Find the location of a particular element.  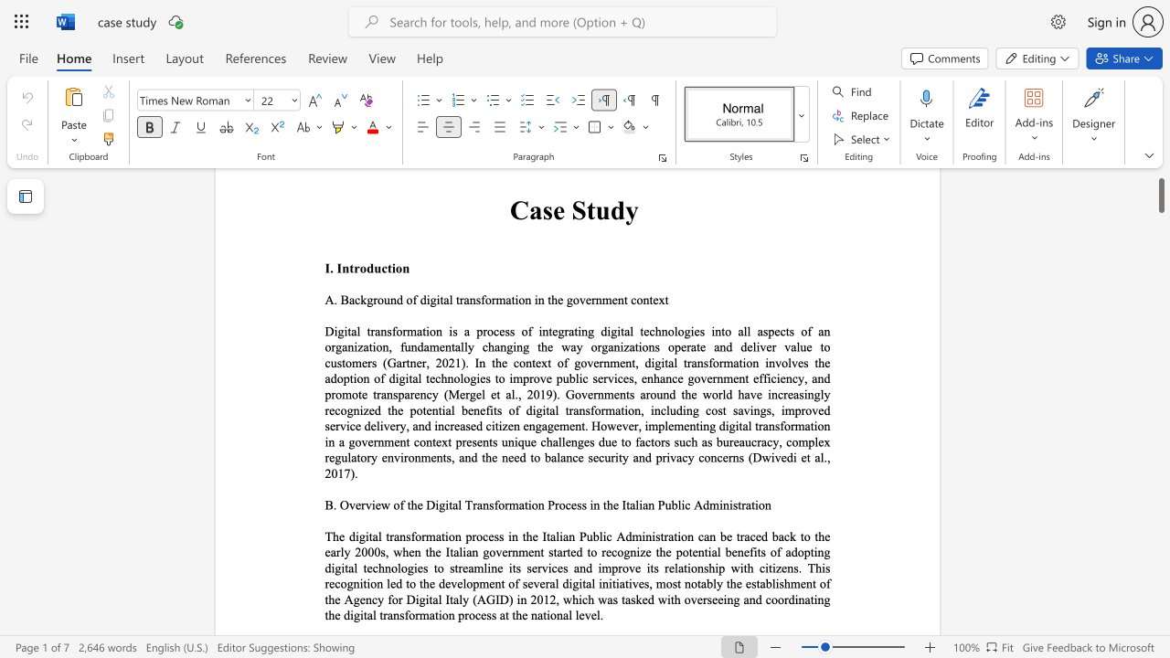

the scrollbar and move up 10 pixels is located at coordinates (1160, 187).